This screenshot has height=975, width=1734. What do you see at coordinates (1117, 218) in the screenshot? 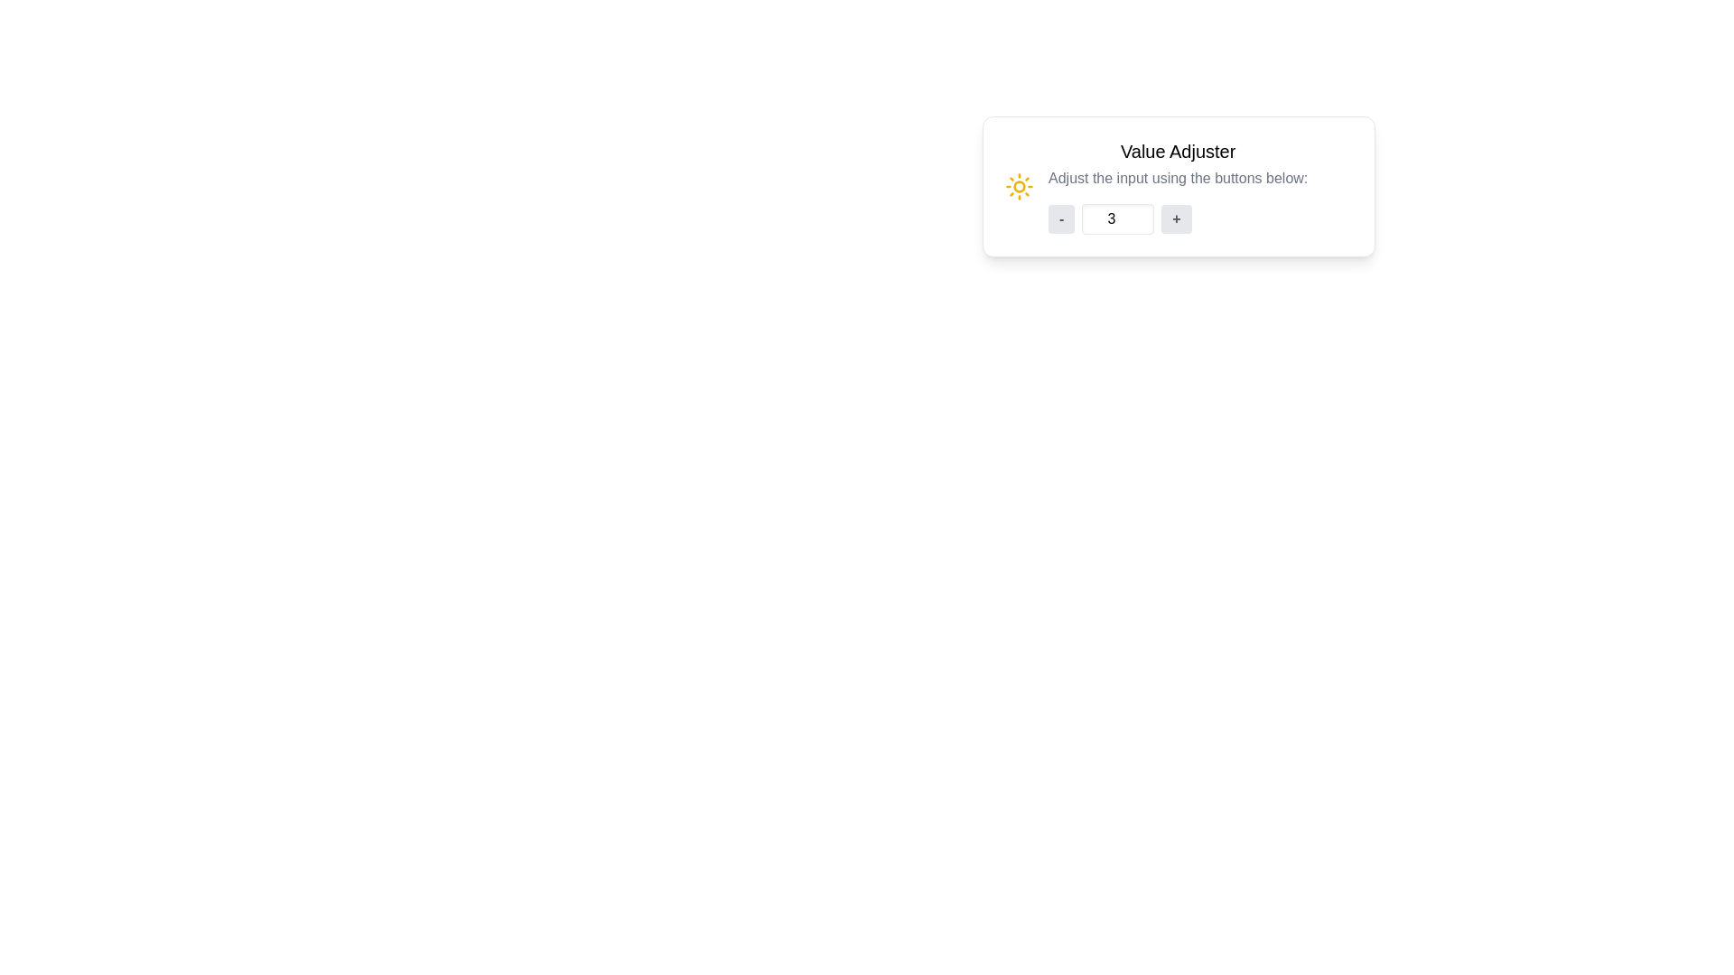
I see `the numeric input field that currently displays the number 3 to focus on it` at bounding box center [1117, 218].